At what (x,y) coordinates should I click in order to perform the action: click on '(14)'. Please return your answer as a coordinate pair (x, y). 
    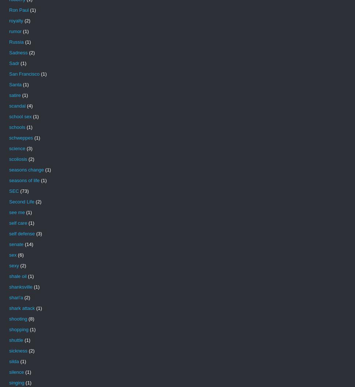
    Looking at the image, I should click on (28, 244).